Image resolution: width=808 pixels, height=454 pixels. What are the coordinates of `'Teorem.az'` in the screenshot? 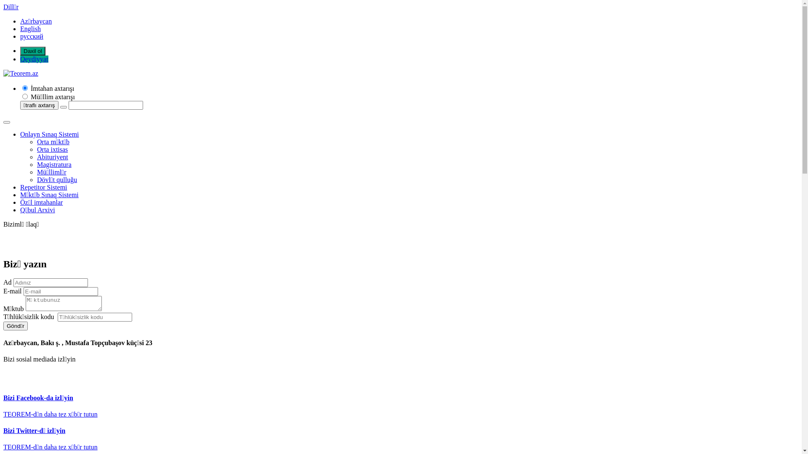 It's located at (21, 73).